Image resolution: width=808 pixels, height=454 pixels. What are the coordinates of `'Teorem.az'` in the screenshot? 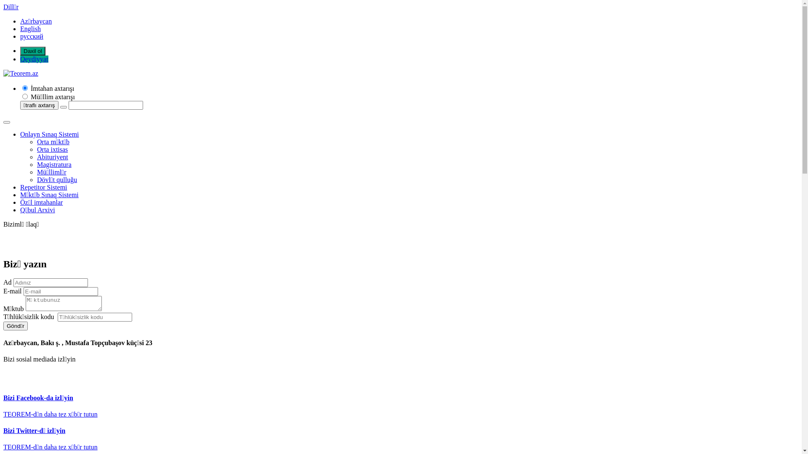 It's located at (21, 73).